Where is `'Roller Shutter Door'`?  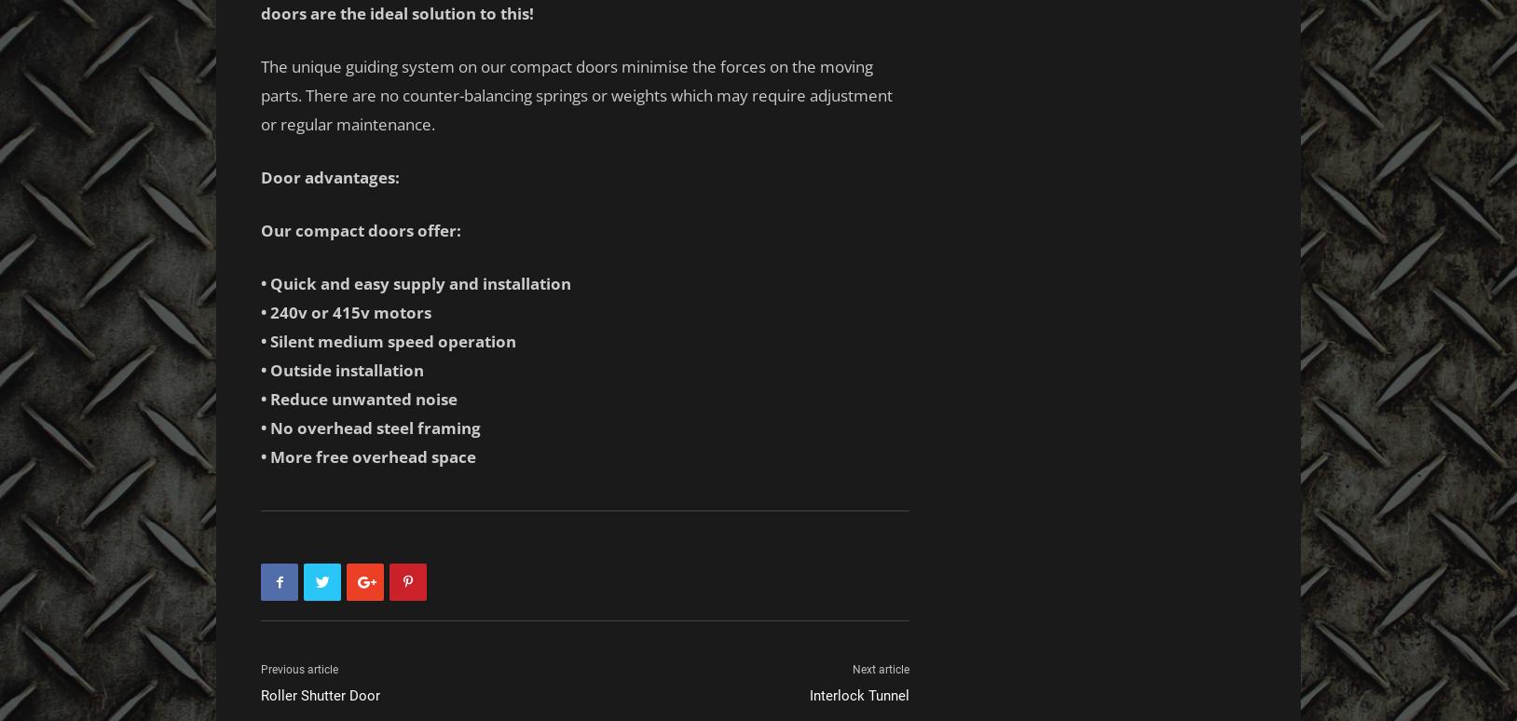 'Roller Shutter Door' is located at coordinates (261, 694).